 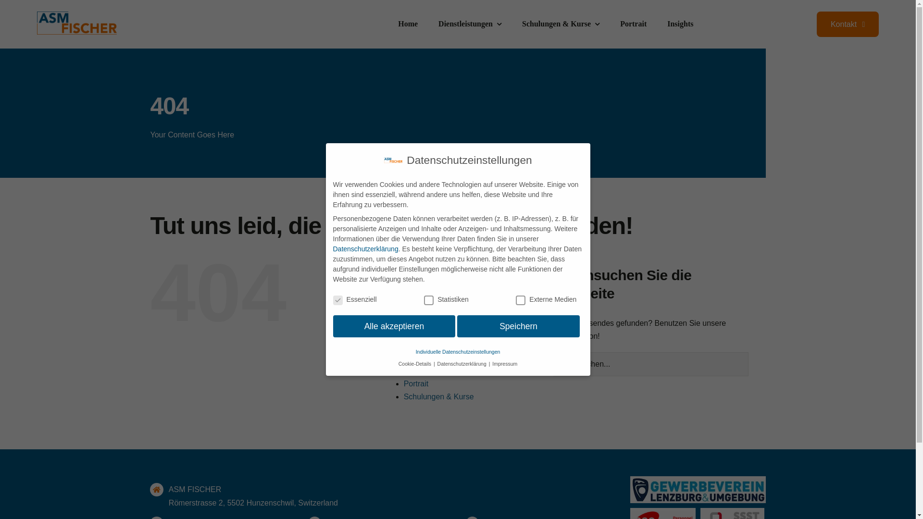 I want to click on 'Dienstleistungen', so click(x=470, y=24).